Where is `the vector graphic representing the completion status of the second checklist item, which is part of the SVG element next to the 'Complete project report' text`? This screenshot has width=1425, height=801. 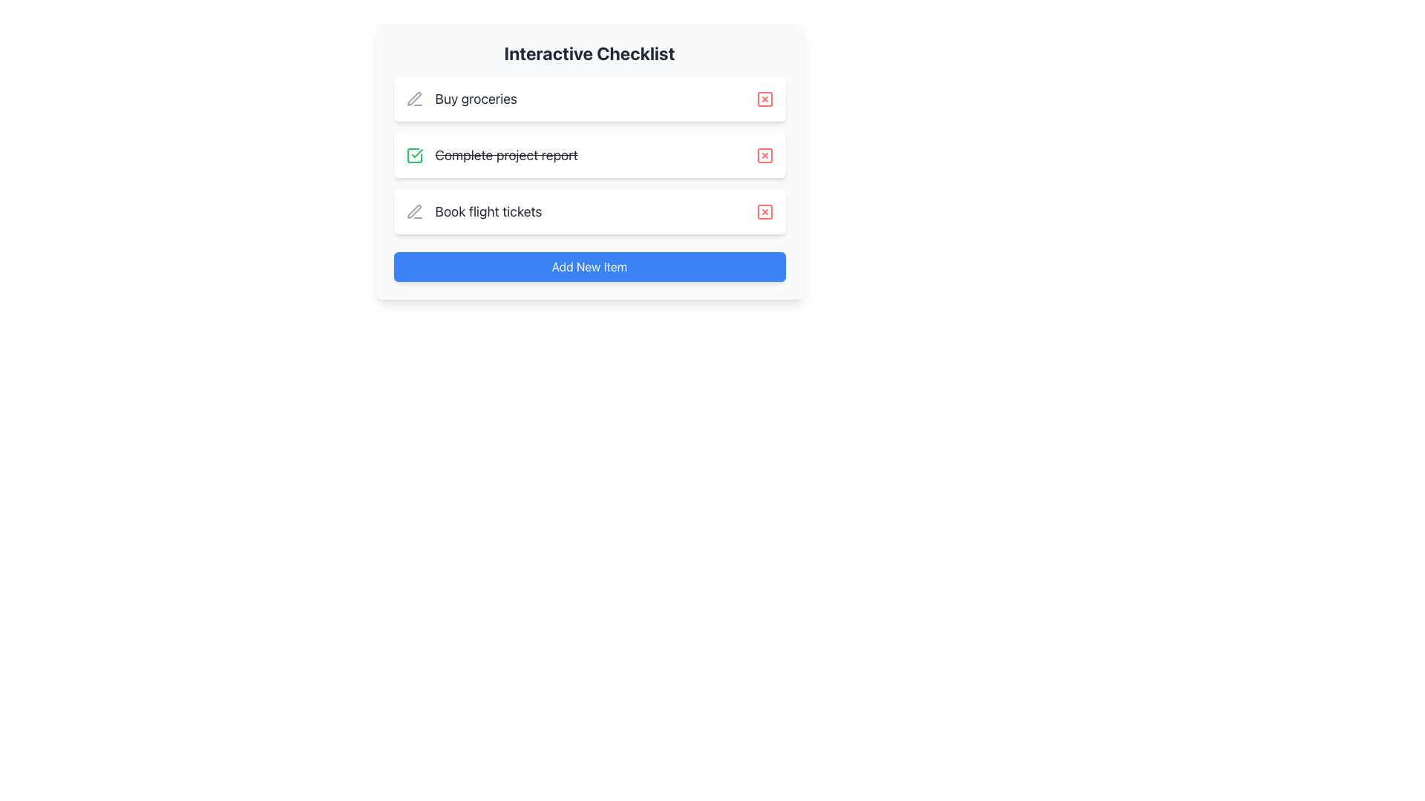
the vector graphic representing the completion status of the second checklist item, which is part of the SVG element next to the 'Complete project report' text is located at coordinates (414, 155).